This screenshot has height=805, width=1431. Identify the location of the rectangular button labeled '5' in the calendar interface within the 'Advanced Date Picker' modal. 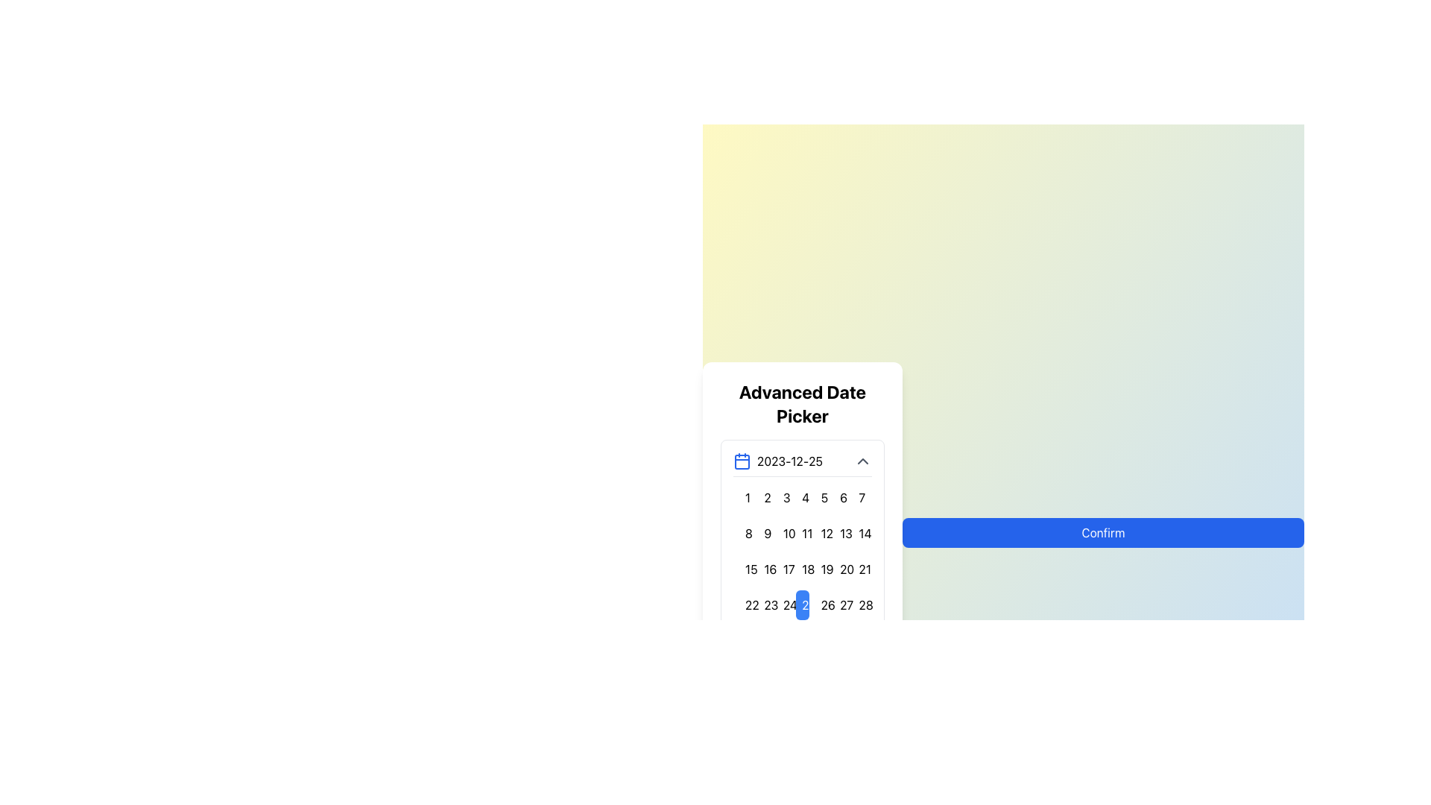
(821, 497).